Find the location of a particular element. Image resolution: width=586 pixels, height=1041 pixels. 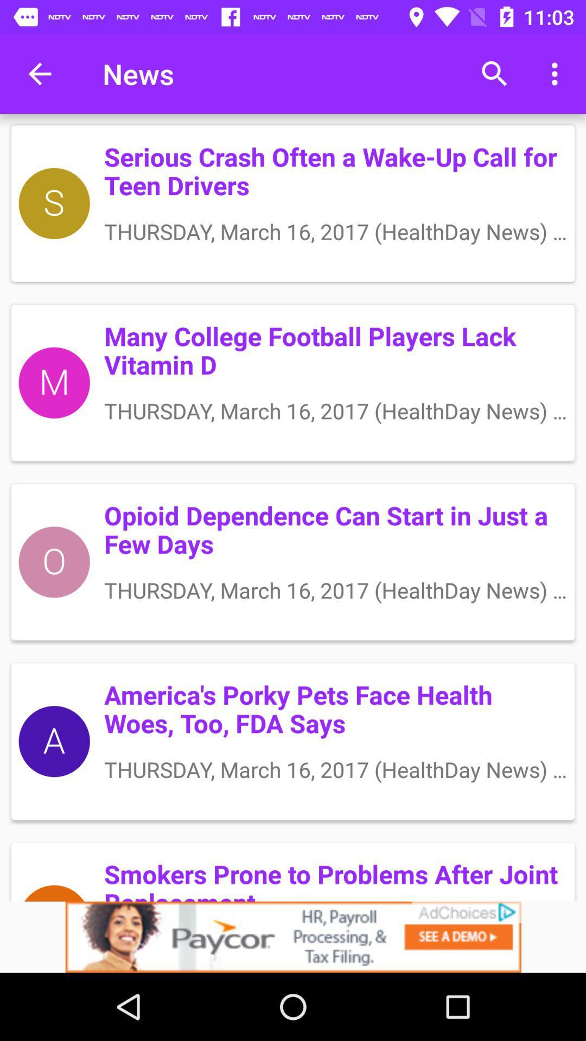

click discriiption is located at coordinates (293, 936).